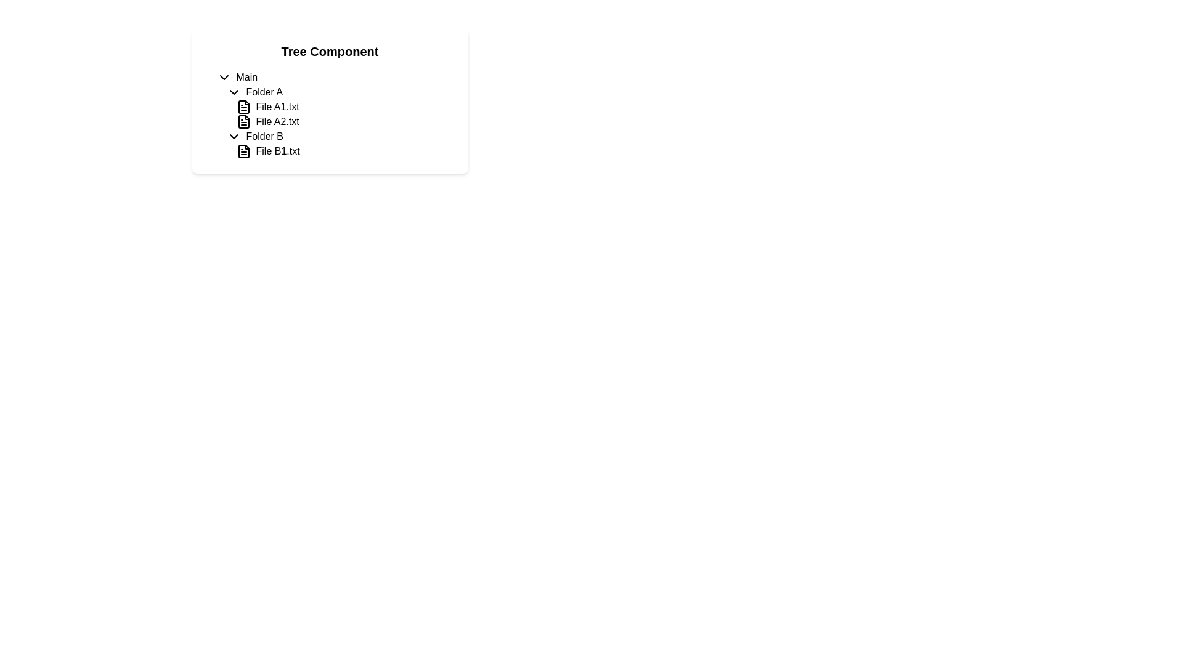  Describe the element at coordinates (243, 151) in the screenshot. I see `the document icon representing 'File B1.txt' located under 'Folder B'` at that location.